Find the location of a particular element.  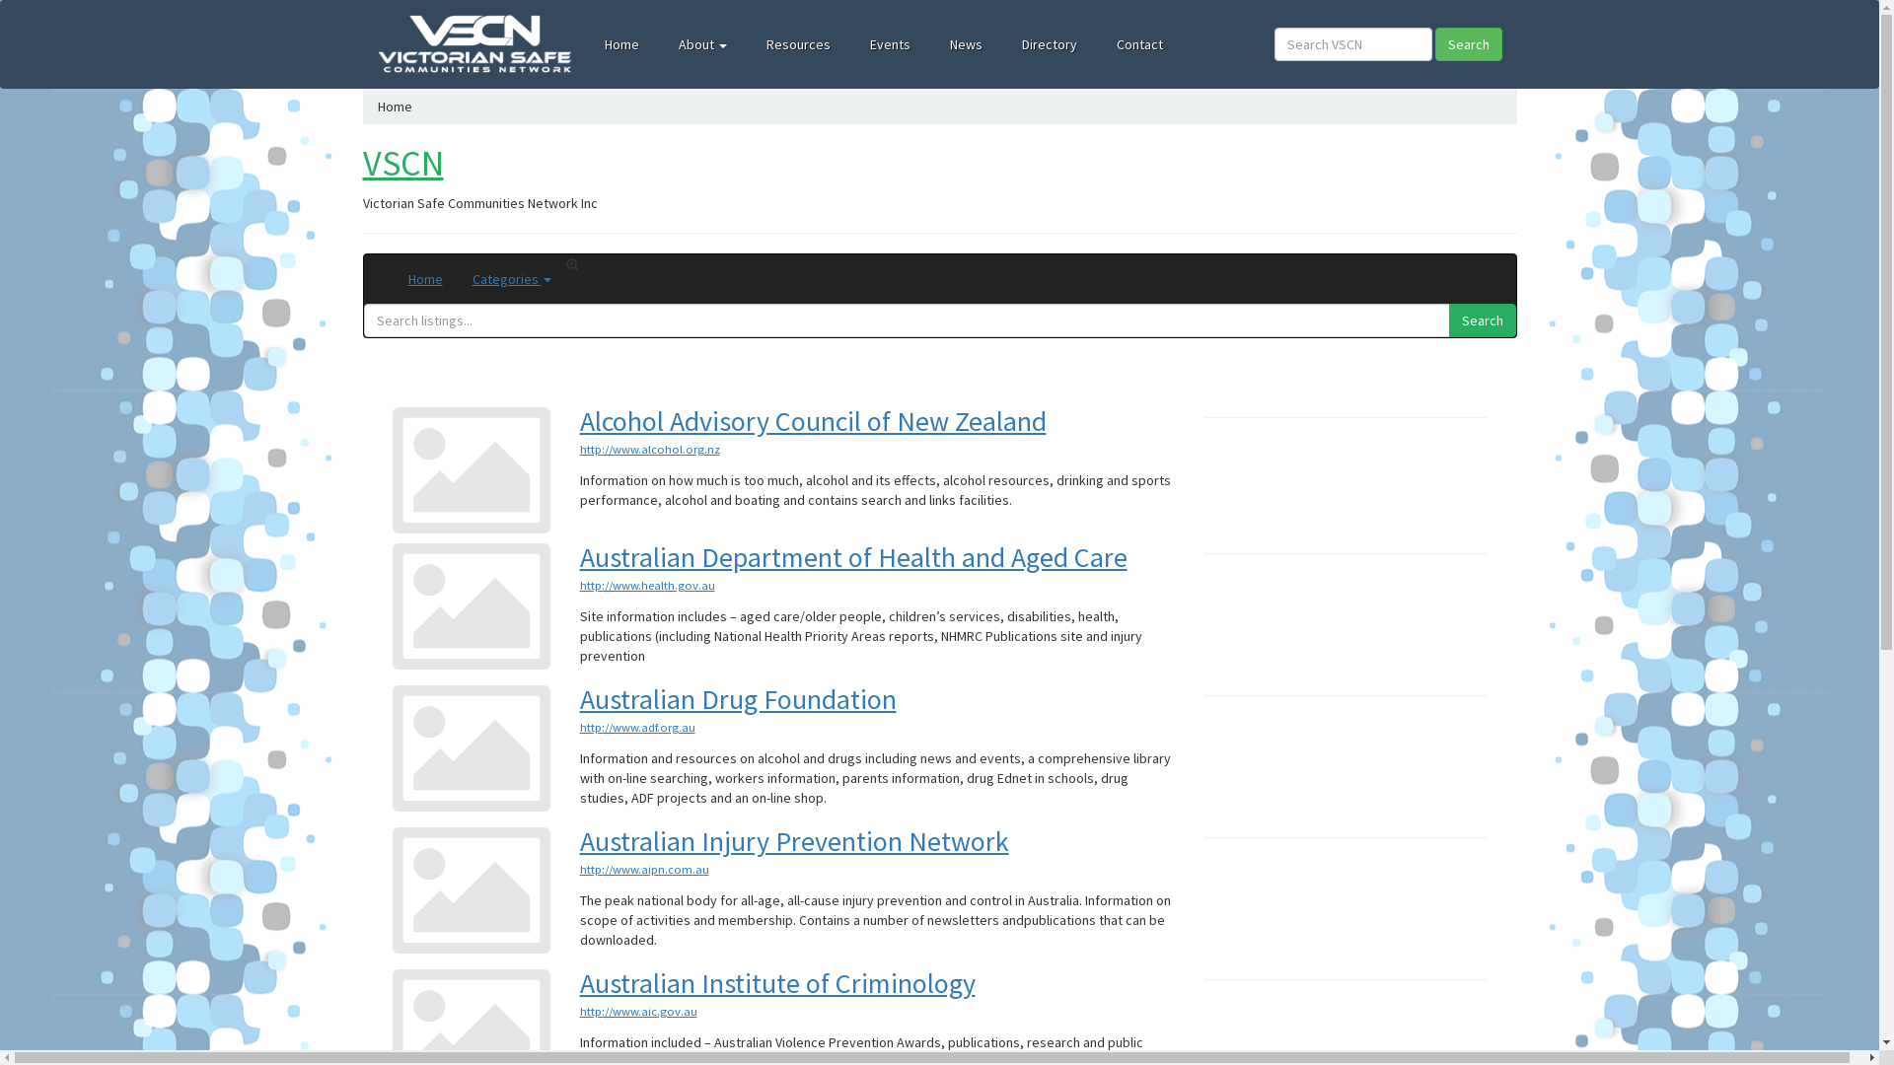

'http://www.alcohol.org.nz' is located at coordinates (649, 449).